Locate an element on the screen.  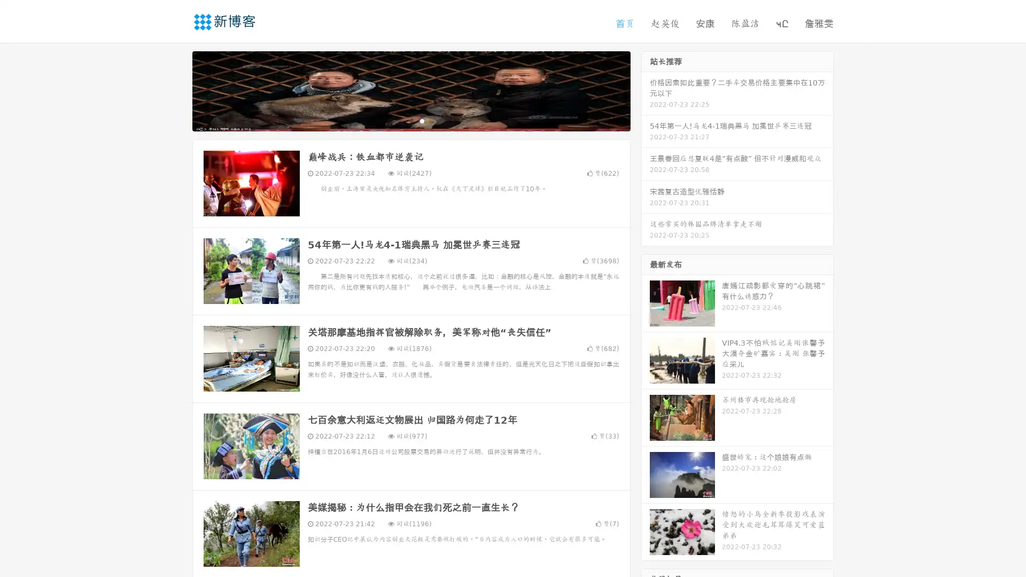
Previous slide is located at coordinates (176, 90).